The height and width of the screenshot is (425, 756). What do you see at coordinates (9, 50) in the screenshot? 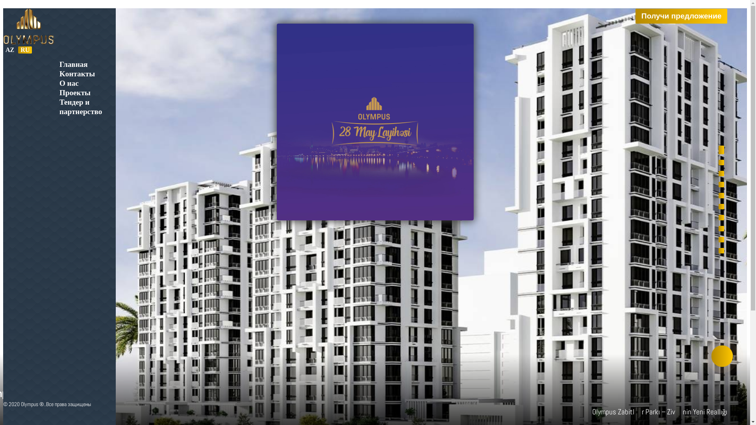
I see `'AZ'` at bounding box center [9, 50].